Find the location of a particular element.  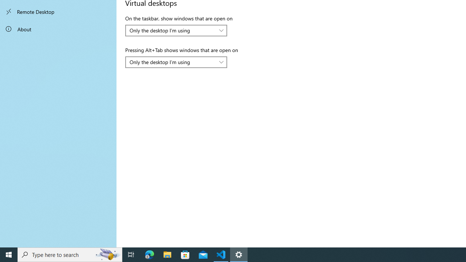

'Remote Desktop' is located at coordinates (58, 12).